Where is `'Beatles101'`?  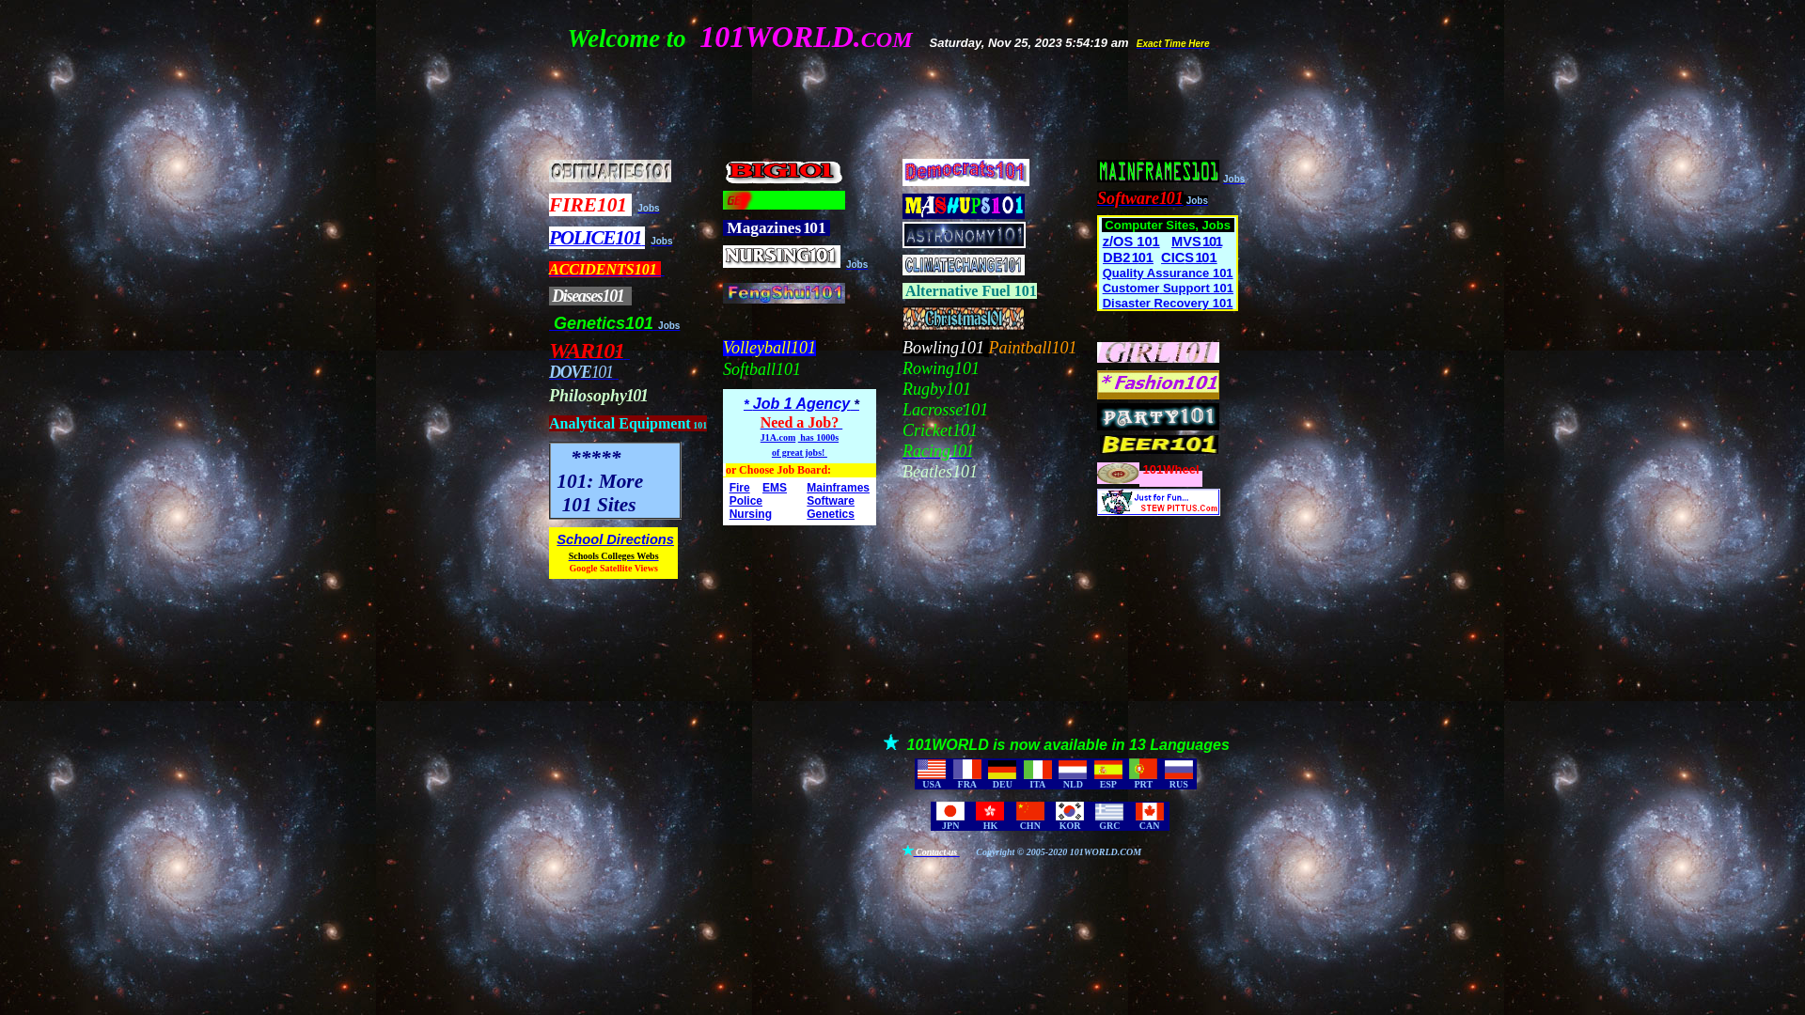
'Beatles101' is located at coordinates (939, 471).